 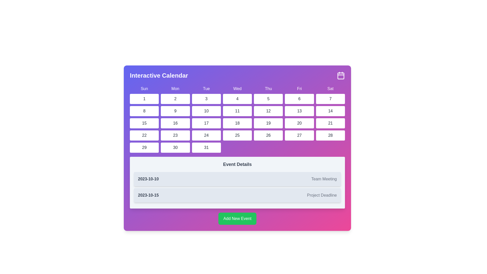 I want to click on the 'Add New Event' button, which has a green background and white text, to observe the hover effect, so click(x=237, y=218).